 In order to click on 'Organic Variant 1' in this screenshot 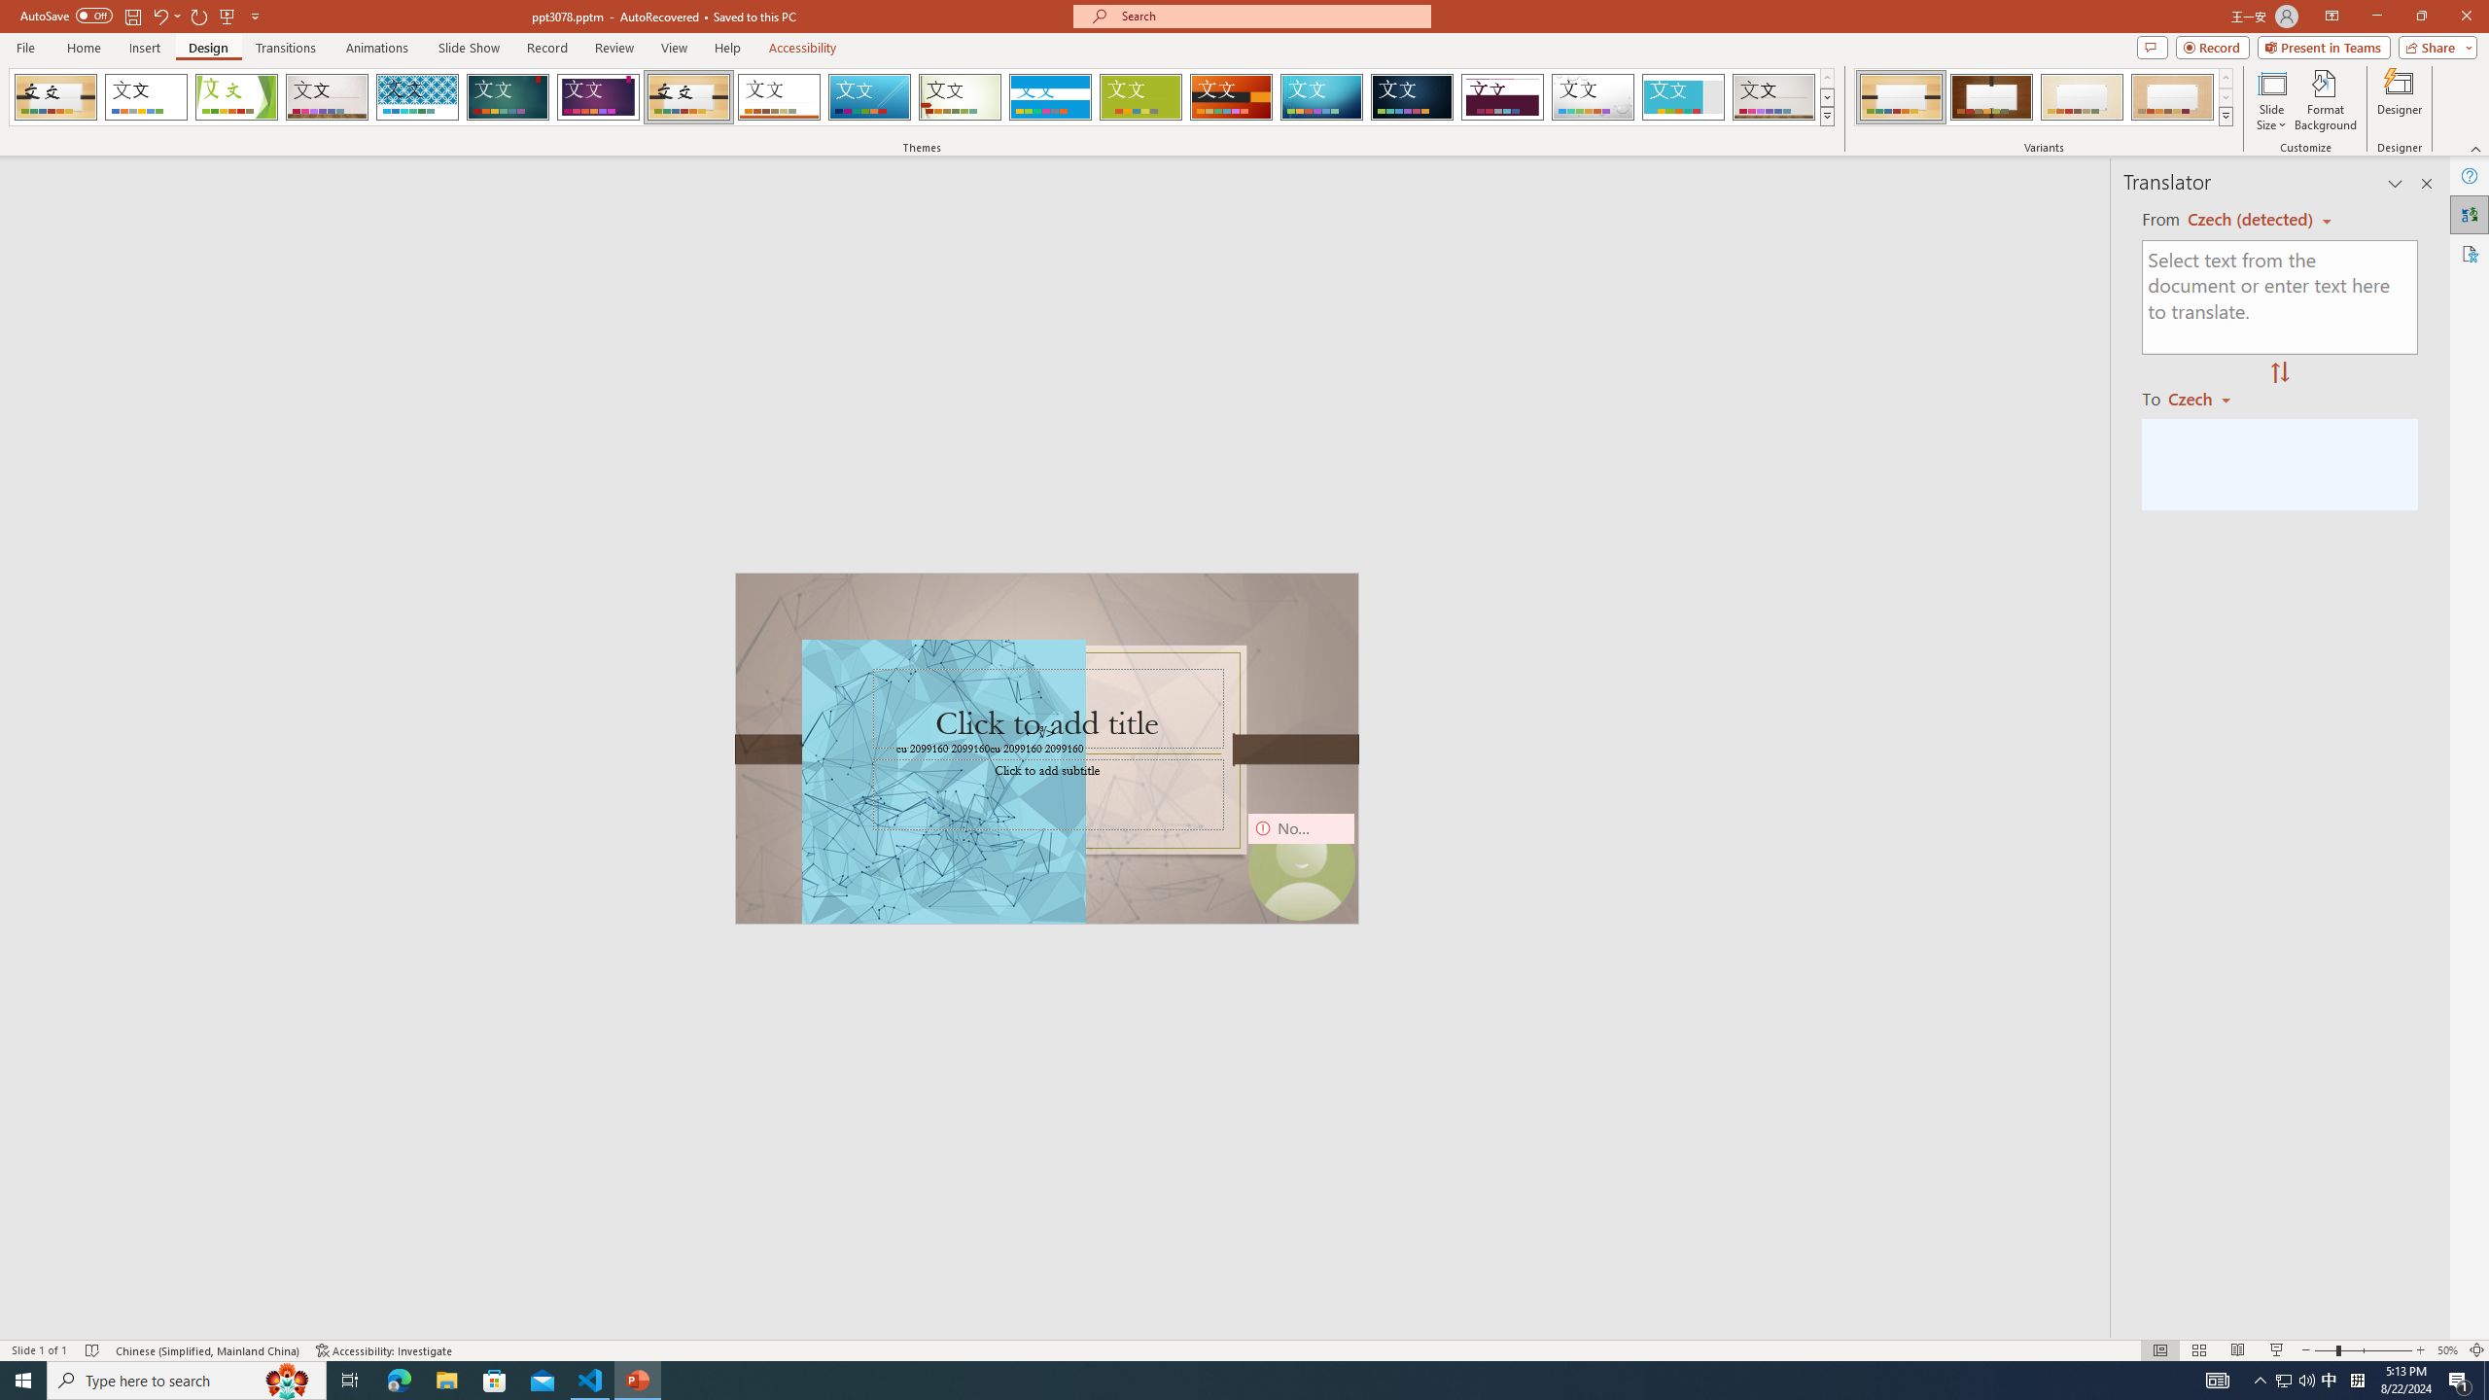, I will do `click(1900, 96)`.